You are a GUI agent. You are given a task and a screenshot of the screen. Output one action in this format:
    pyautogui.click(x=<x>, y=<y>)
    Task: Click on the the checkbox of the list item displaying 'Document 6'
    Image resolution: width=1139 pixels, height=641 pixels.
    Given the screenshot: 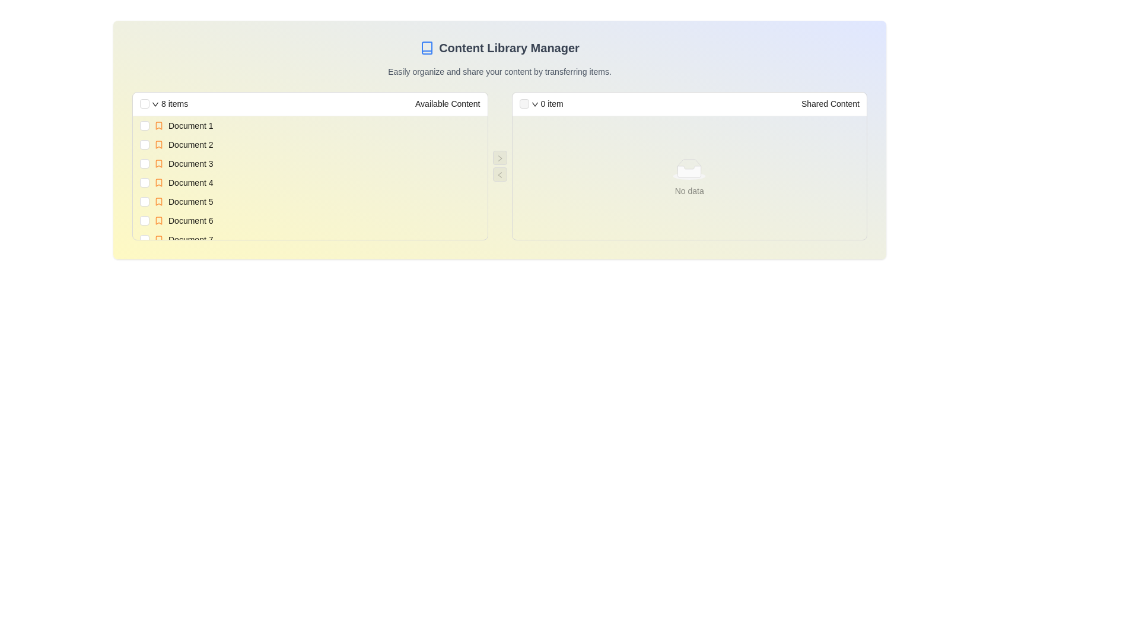 What is the action you would take?
    pyautogui.click(x=310, y=220)
    